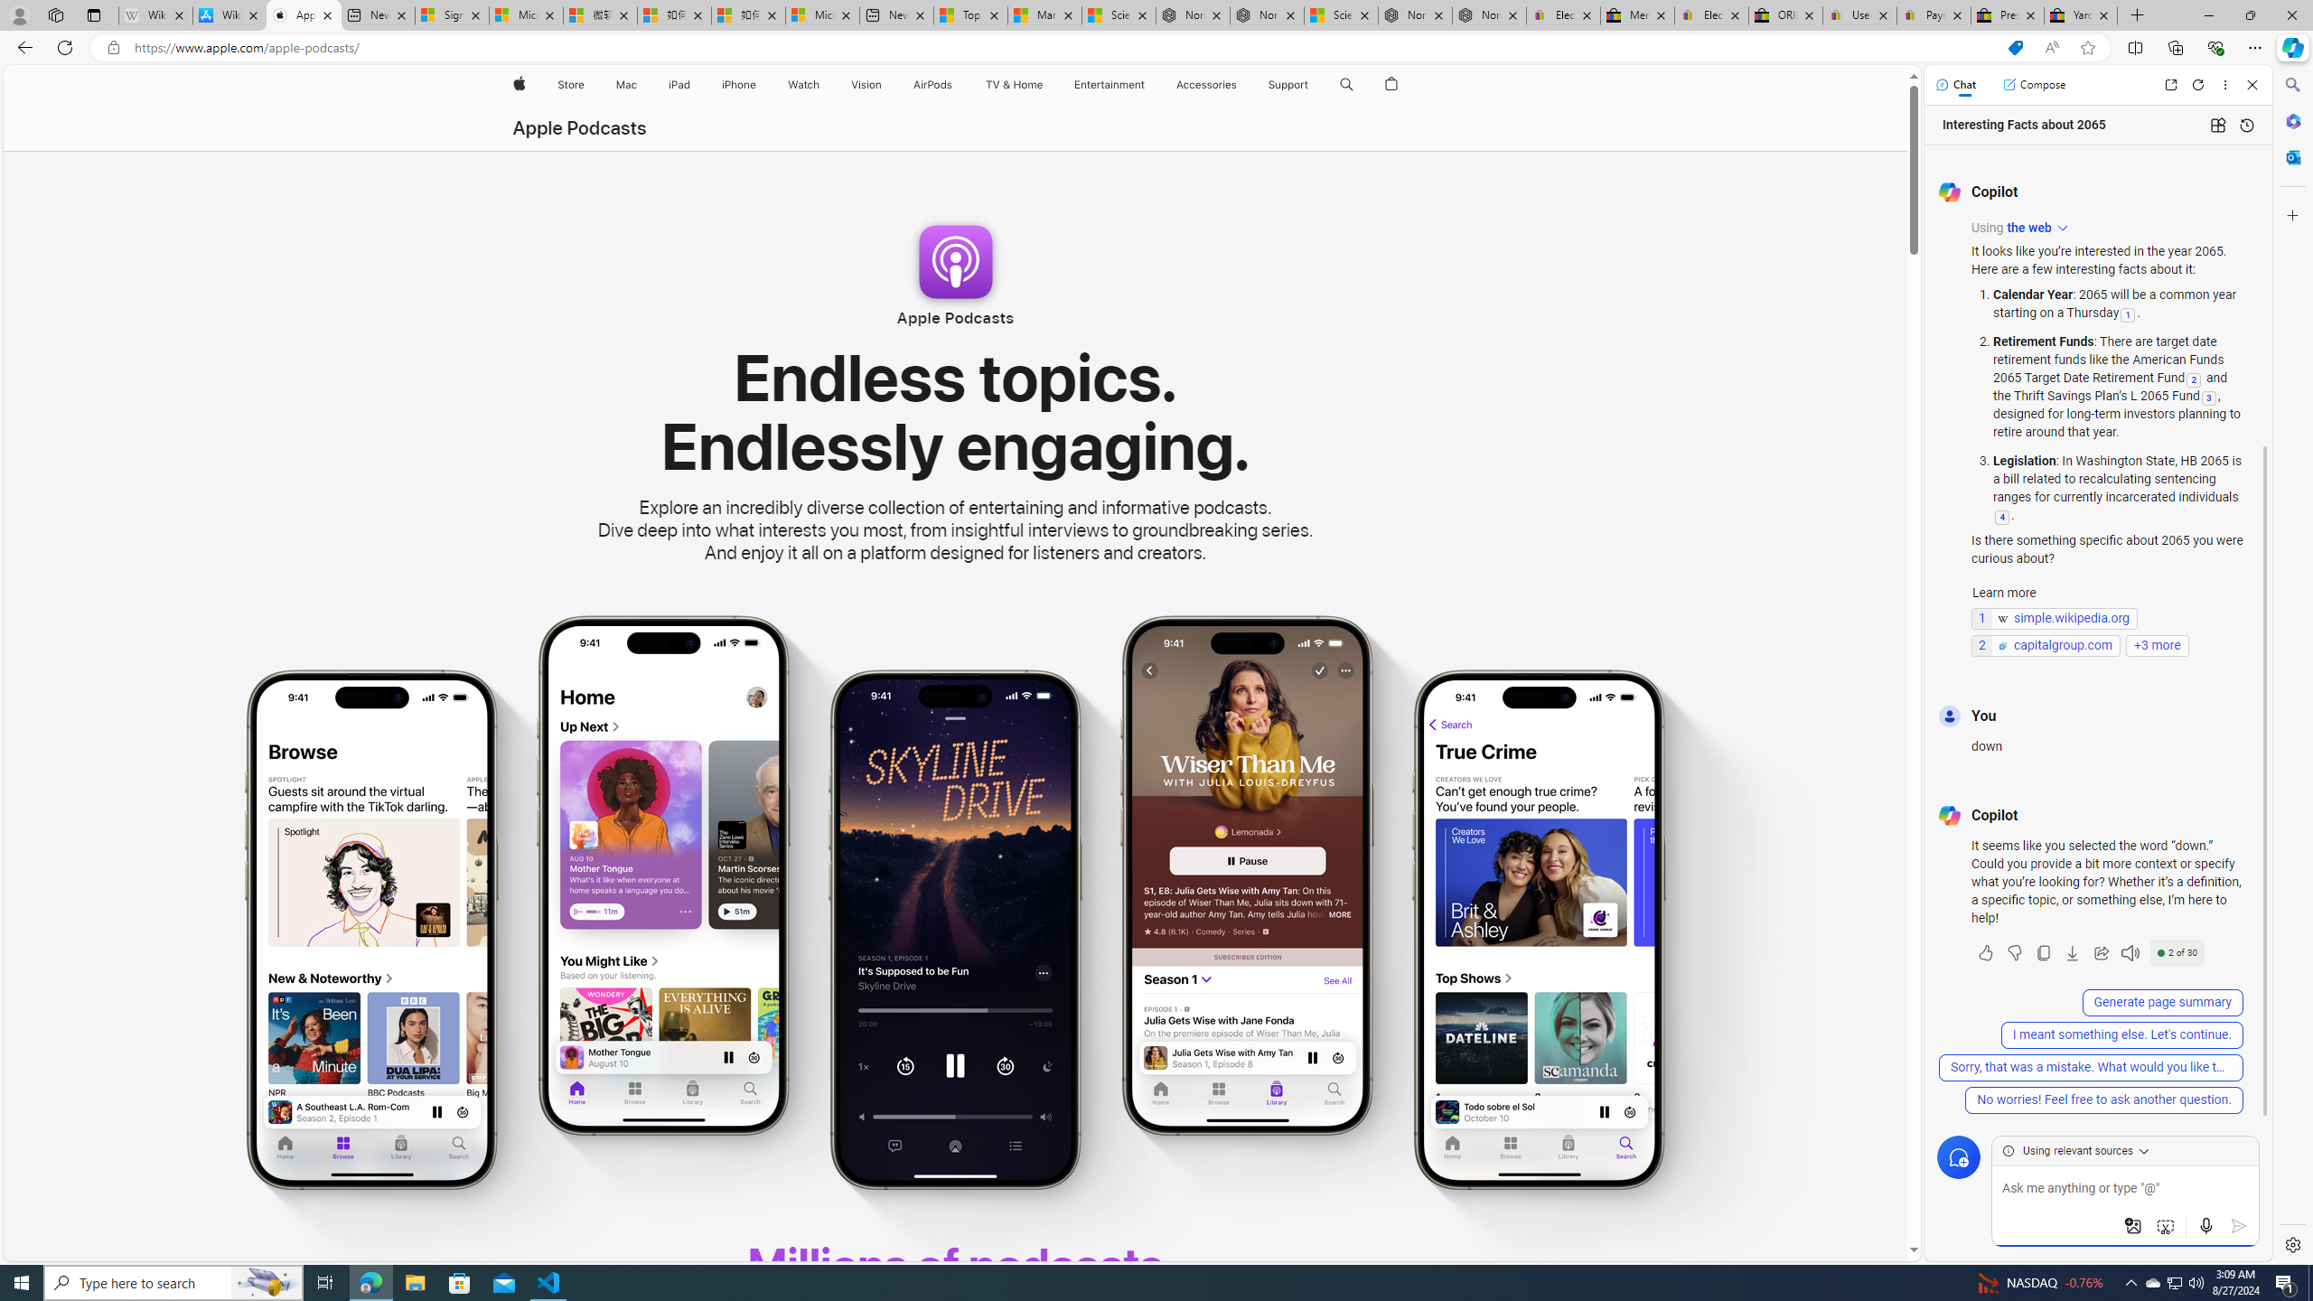  Describe the element at coordinates (2015, 48) in the screenshot. I see `'Shopping in Microsoft Edge'` at that location.